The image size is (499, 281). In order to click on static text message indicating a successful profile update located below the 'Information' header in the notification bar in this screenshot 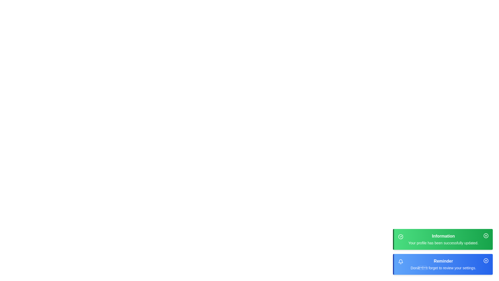, I will do `click(443, 243)`.